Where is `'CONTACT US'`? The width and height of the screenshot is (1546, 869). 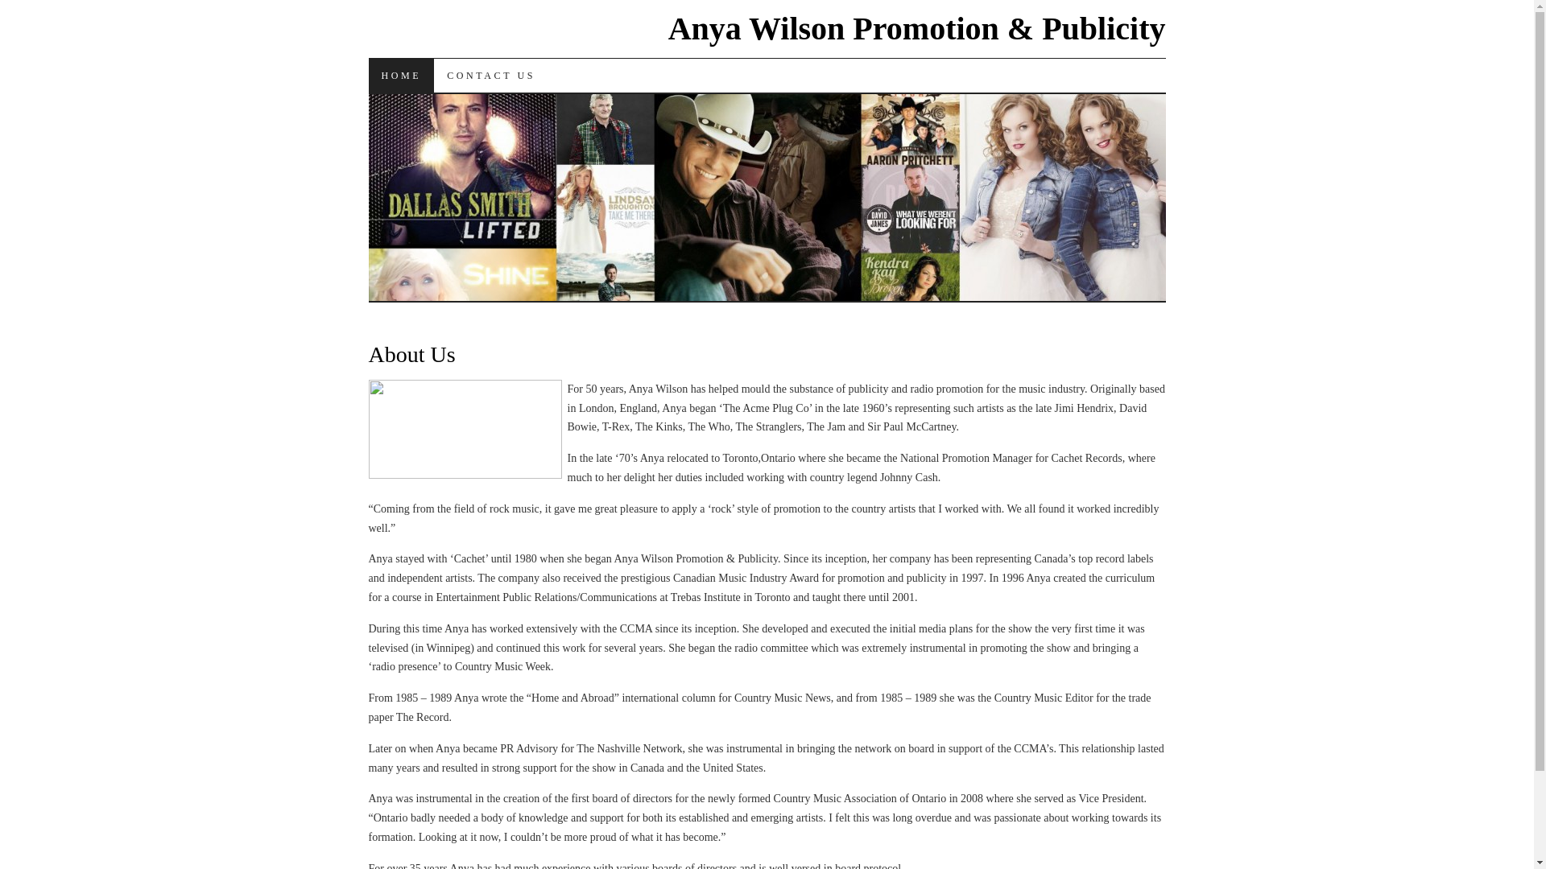 'CONTACT US' is located at coordinates (490, 75).